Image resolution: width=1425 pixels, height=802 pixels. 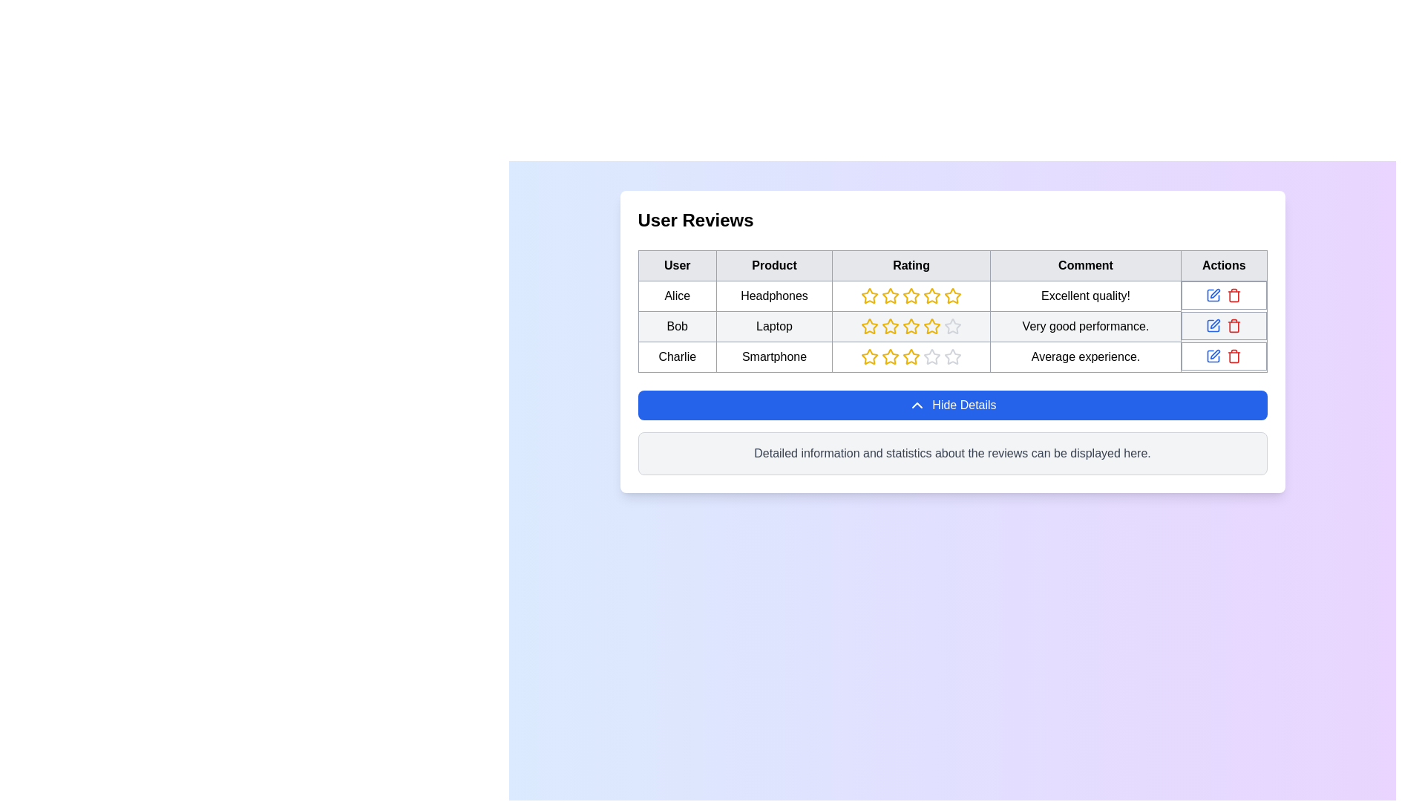 What do you see at coordinates (869, 325) in the screenshot?
I see `the yellow five-pointed star icon representing the fourth rating in the 'User Reviews' table for 'Bob'` at bounding box center [869, 325].